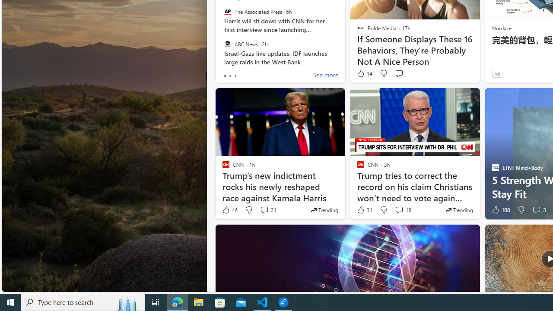  I want to click on 'tab-2', so click(235, 76).